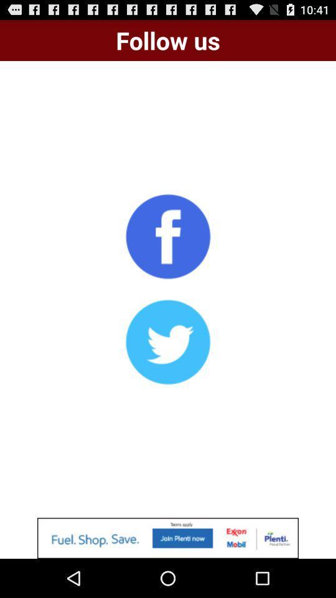 The width and height of the screenshot is (336, 598). What do you see at coordinates (168, 235) in the screenshot?
I see `open facebook` at bounding box center [168, 235].